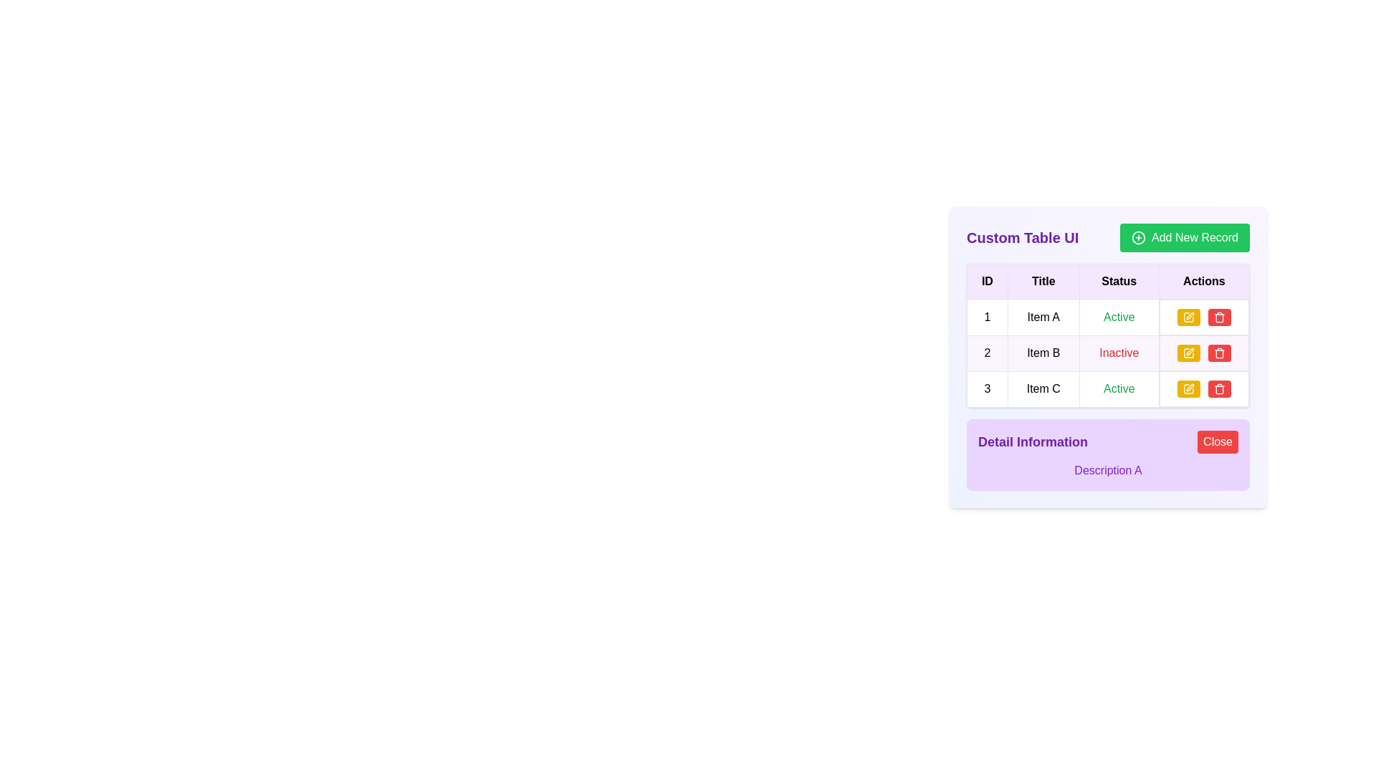 Image resolution: width=1376 pixels, height=774 pixels. Describe the element at coordinates (1219, 353) in the screenshot. I see `the delete button located in the Actions column of the second row, which is associated with Item B` at that location.